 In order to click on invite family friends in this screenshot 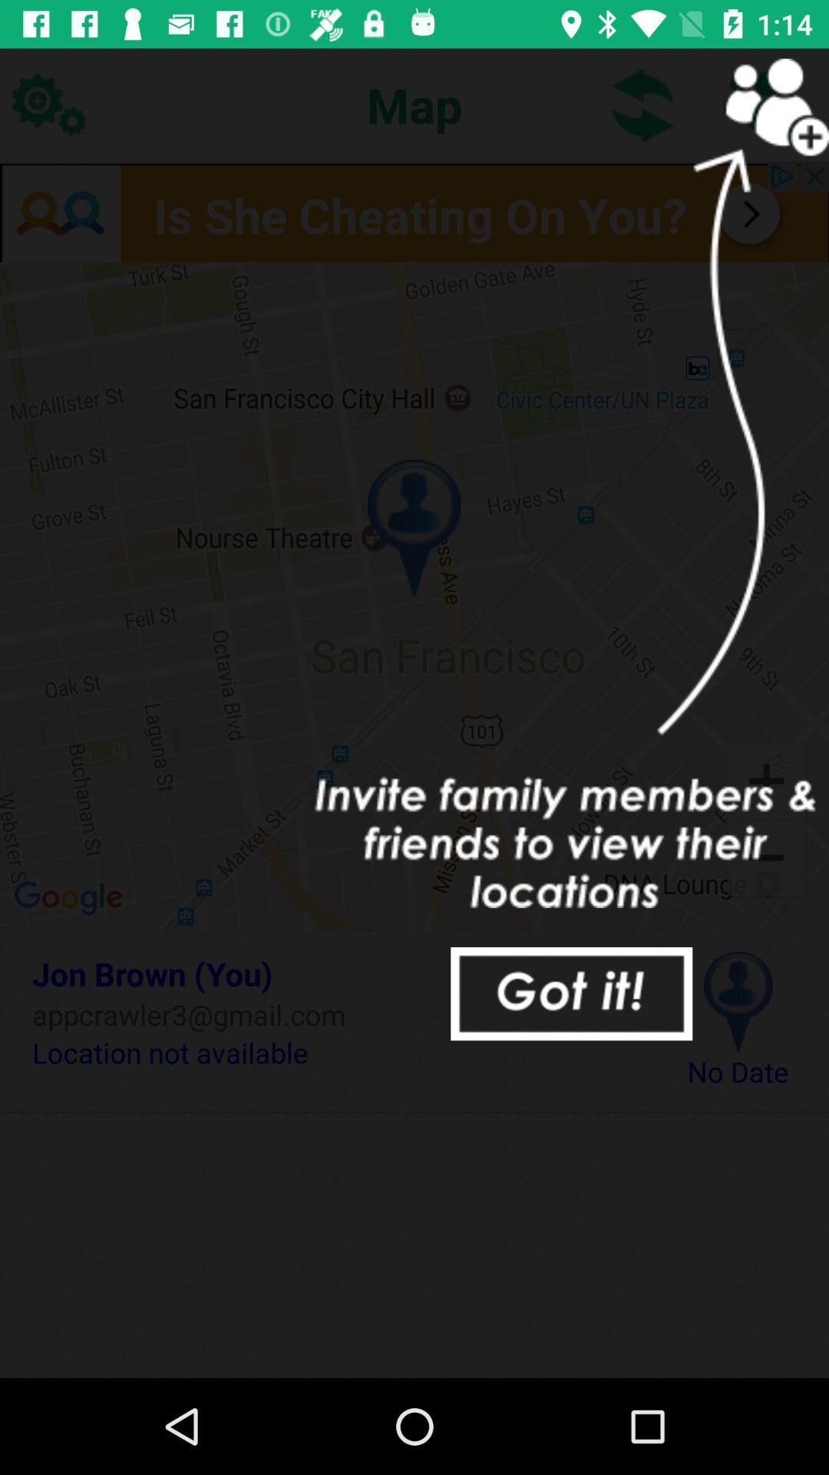, I will do `click(760, 104)`.